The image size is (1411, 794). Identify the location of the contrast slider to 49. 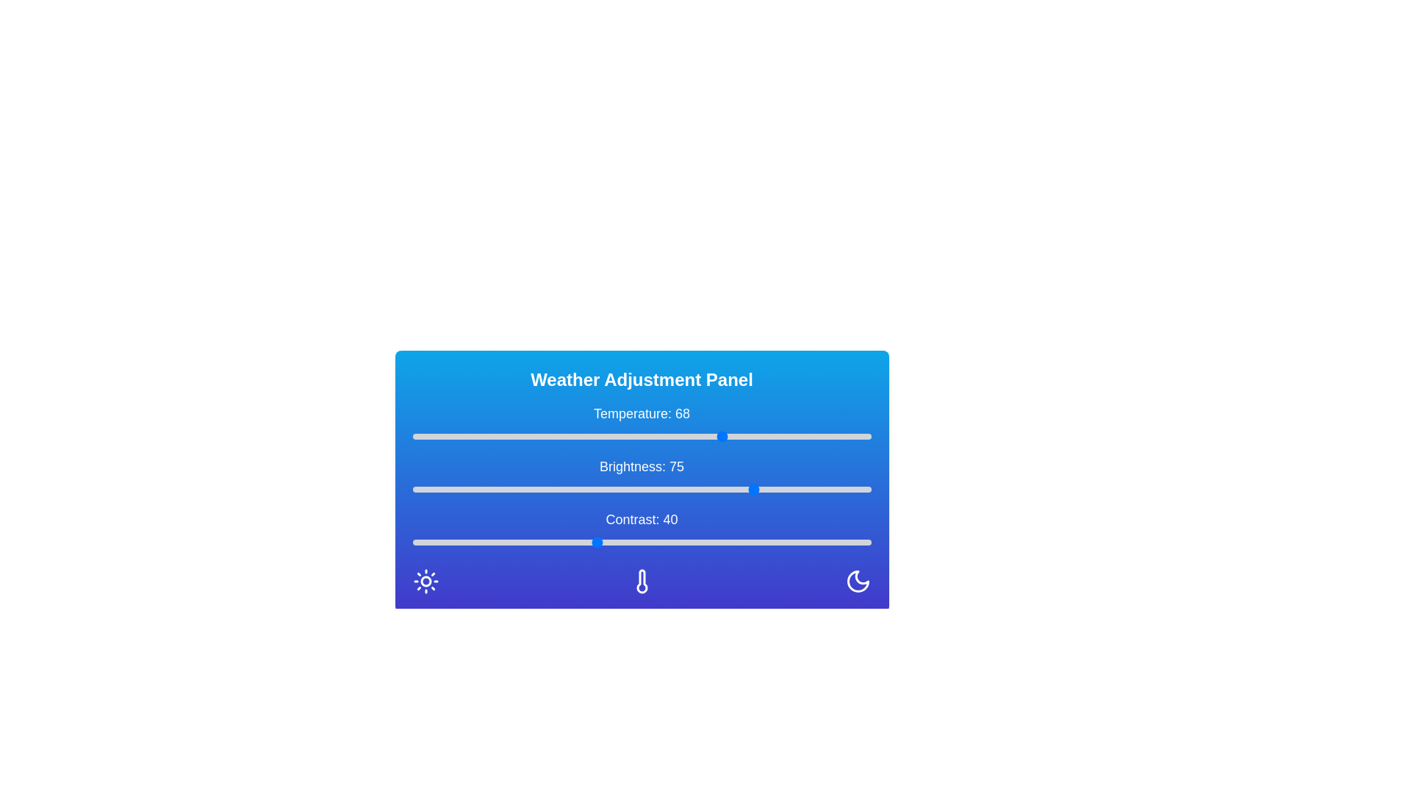
(637, 542).